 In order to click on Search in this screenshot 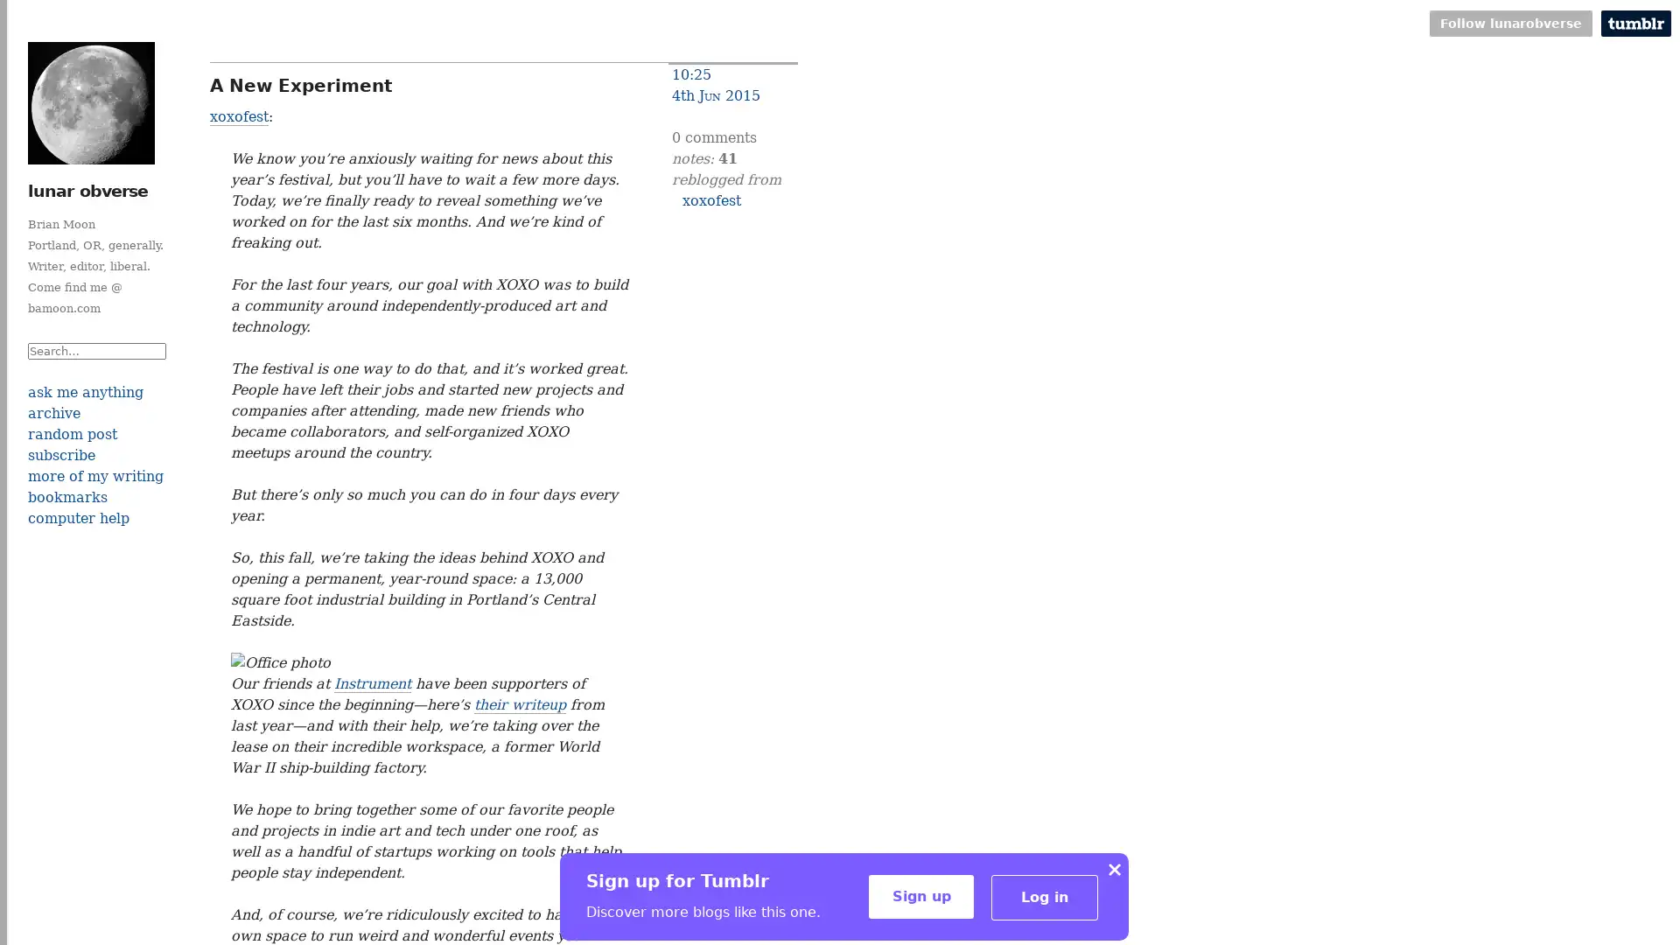, I will do `click(95, 371)`.